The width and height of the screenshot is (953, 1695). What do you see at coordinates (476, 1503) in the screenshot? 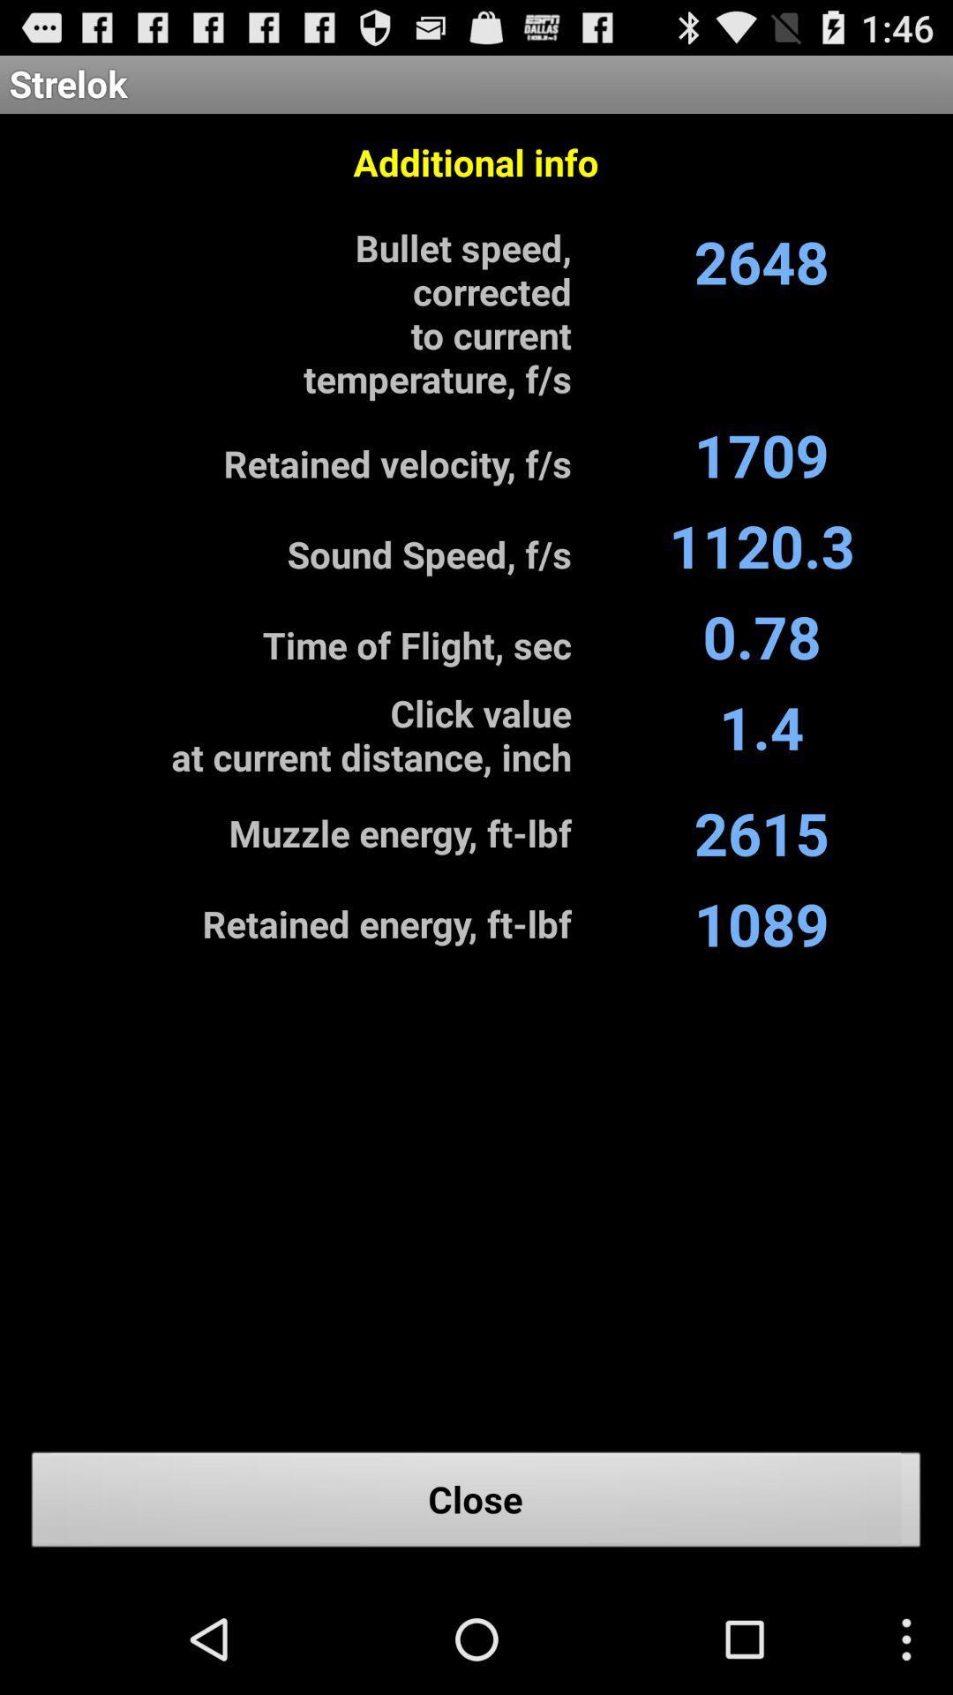
I see `the item below the 1089 item` at bounding box center [476, 1503].